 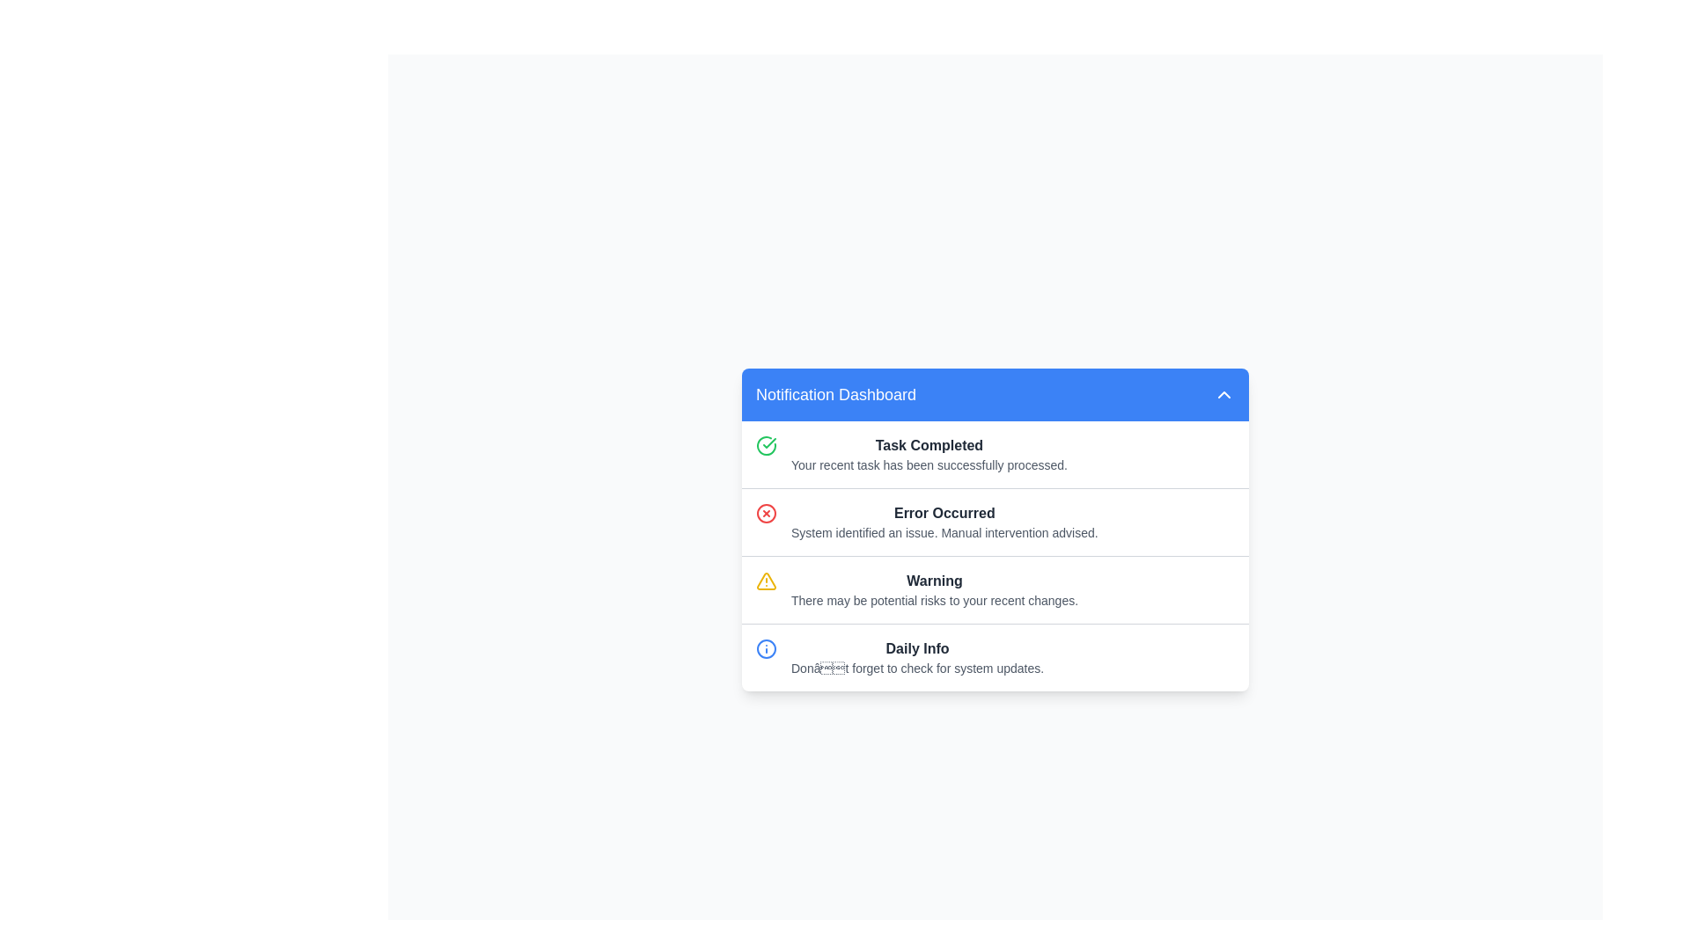 What do you see at coordinates (916, 657) in the screenshot?
I see `the 'Daily Info' notification text block in the Notification Dashboard` at bounding box center [916, 657].